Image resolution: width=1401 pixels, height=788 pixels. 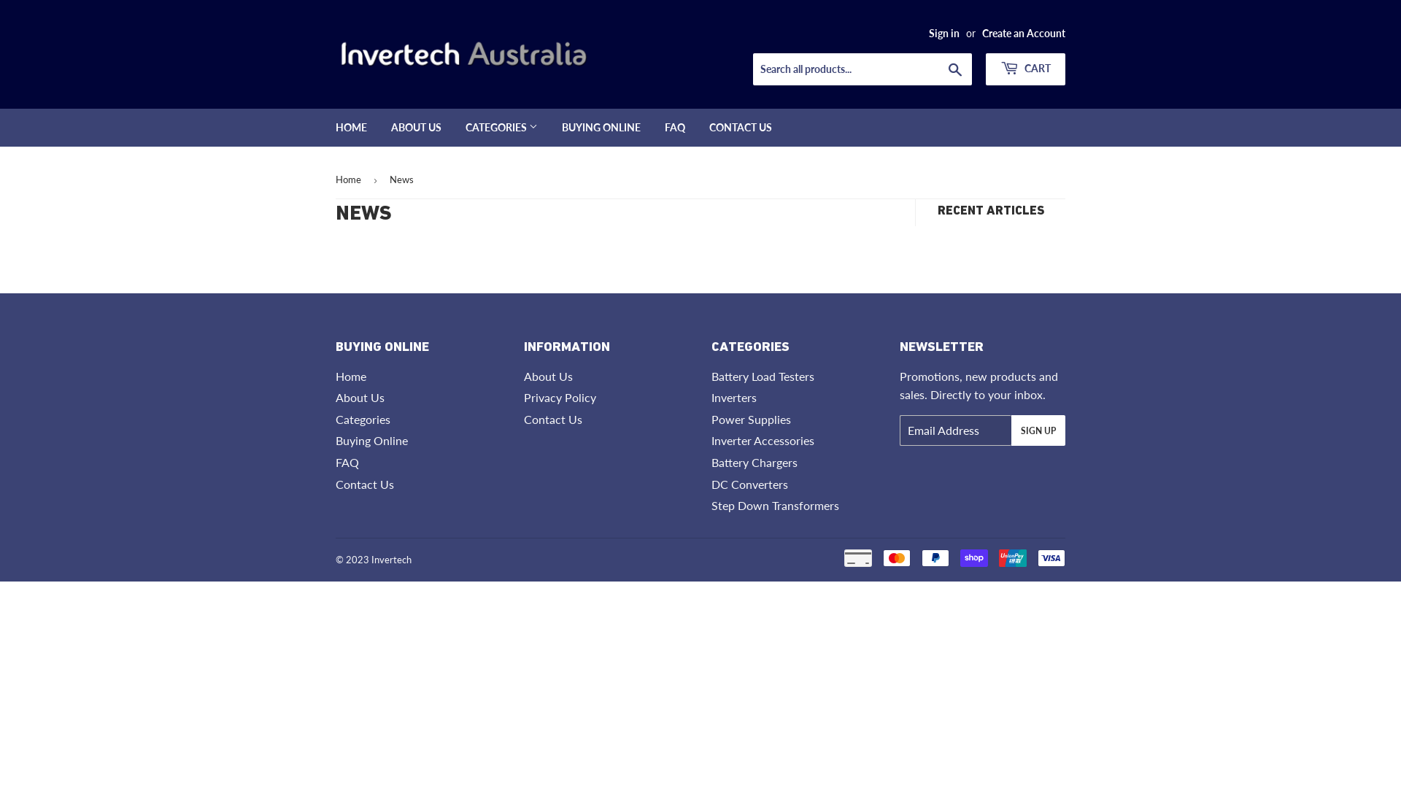 I want to click on 'Create an Account', so click(x=1022, y=33).